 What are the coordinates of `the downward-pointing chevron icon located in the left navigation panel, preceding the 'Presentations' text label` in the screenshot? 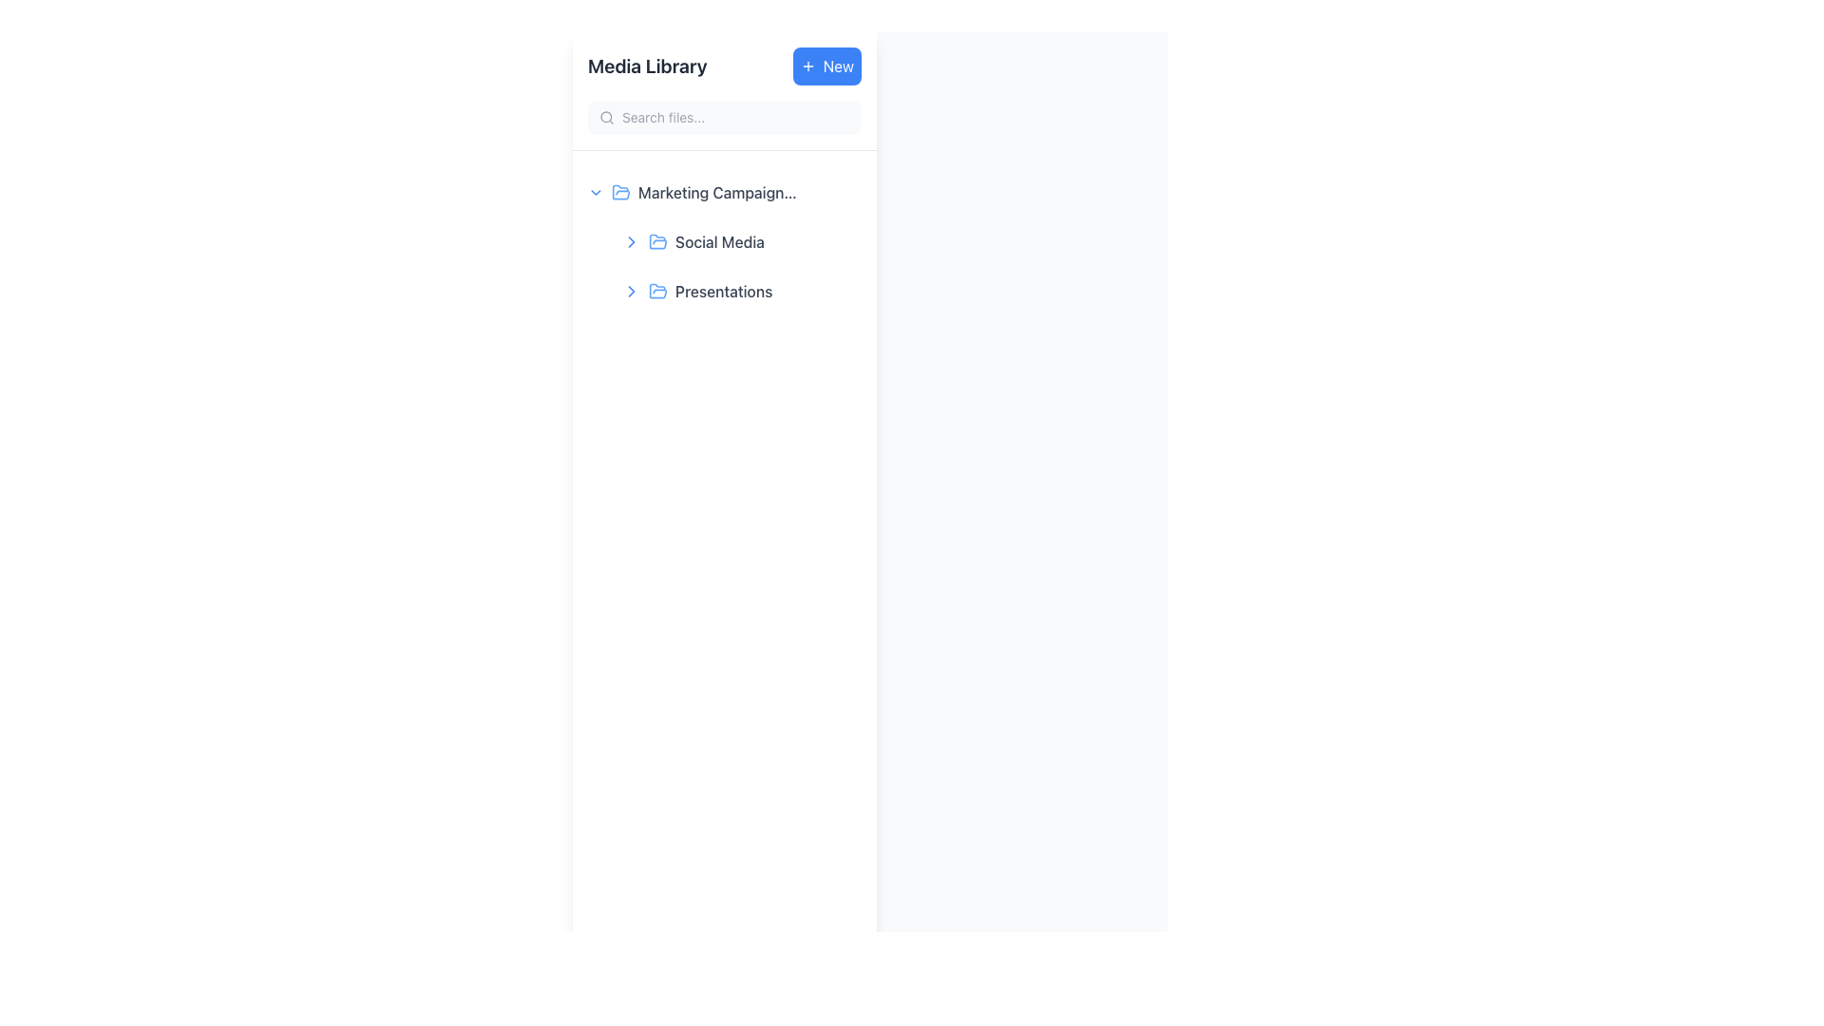 It's located at (632, 292).